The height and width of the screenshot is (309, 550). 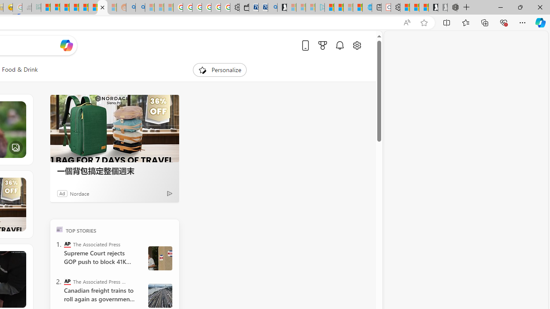 What do you see at coordinates (466, 7) in the screenshot?
I see `'New Tab'` at bounding box center [466, 7].